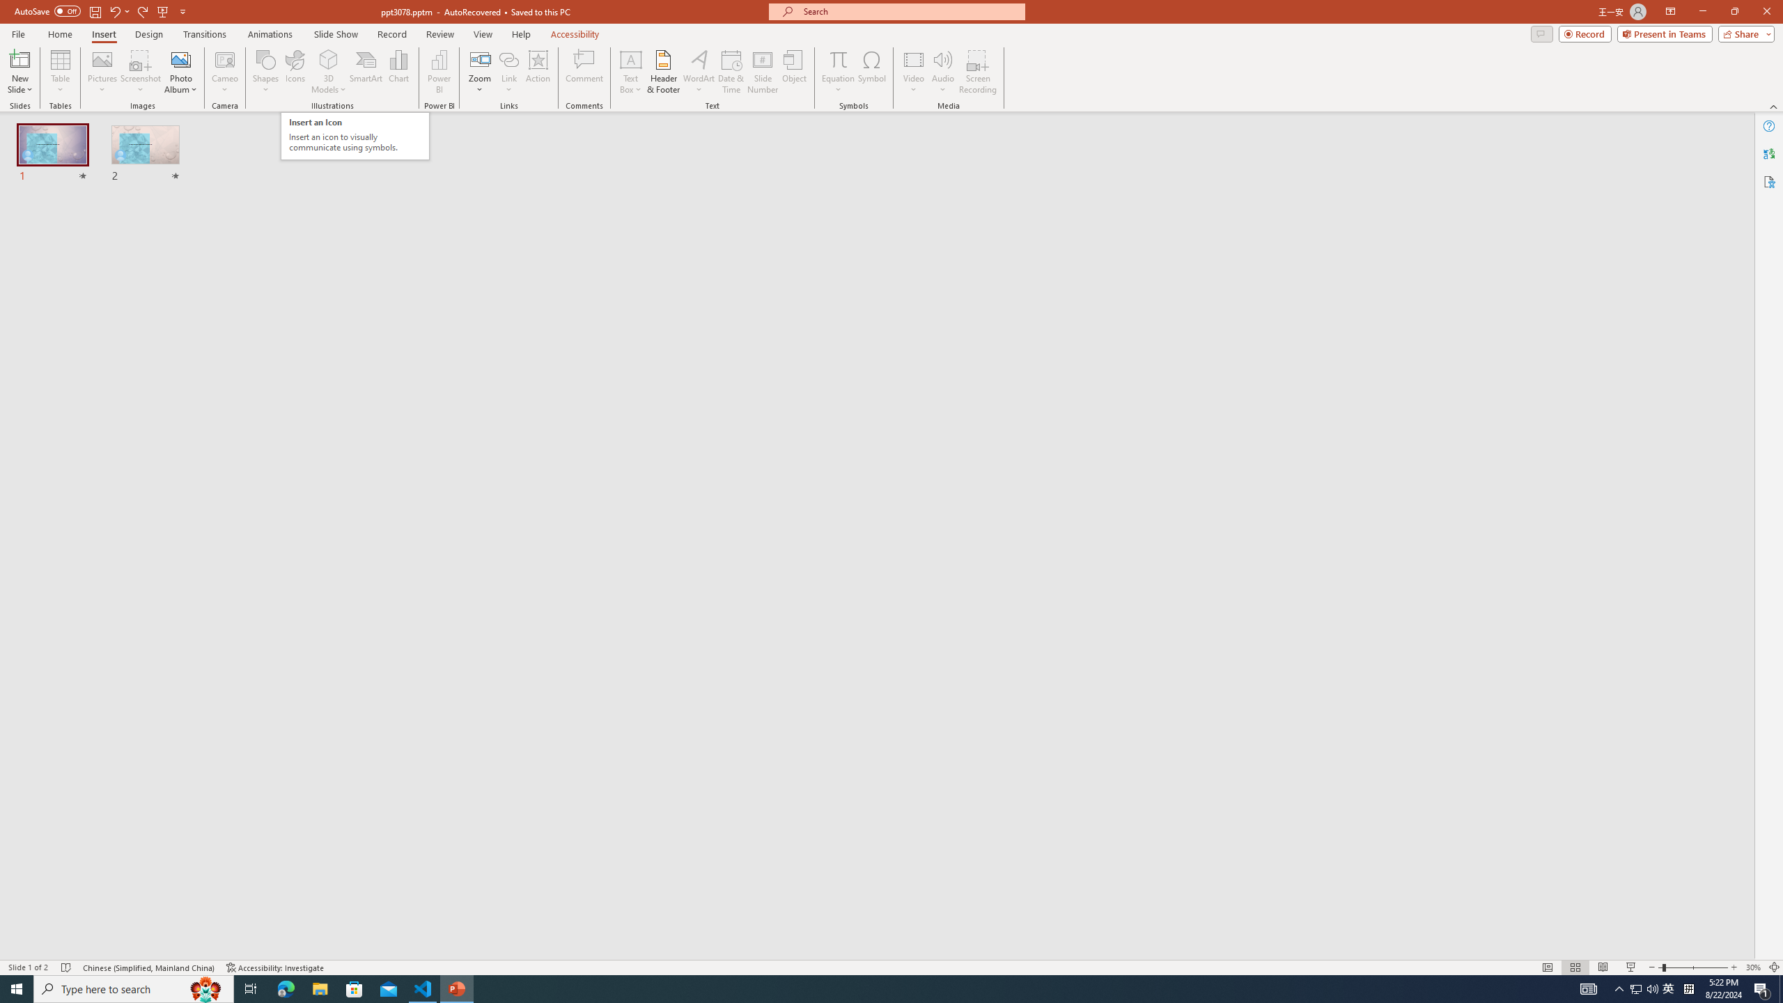 Image resolution: width=1783 pixels, height=1003 pixels. I want to click on 'Screen Recording...', so click(977, 72).